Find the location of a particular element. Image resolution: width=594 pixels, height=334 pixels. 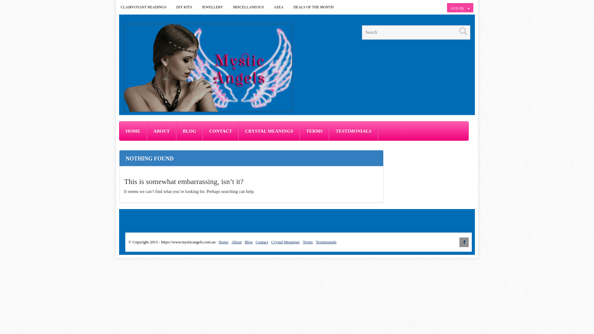

'HOME' is located at coordinates (133, 131).